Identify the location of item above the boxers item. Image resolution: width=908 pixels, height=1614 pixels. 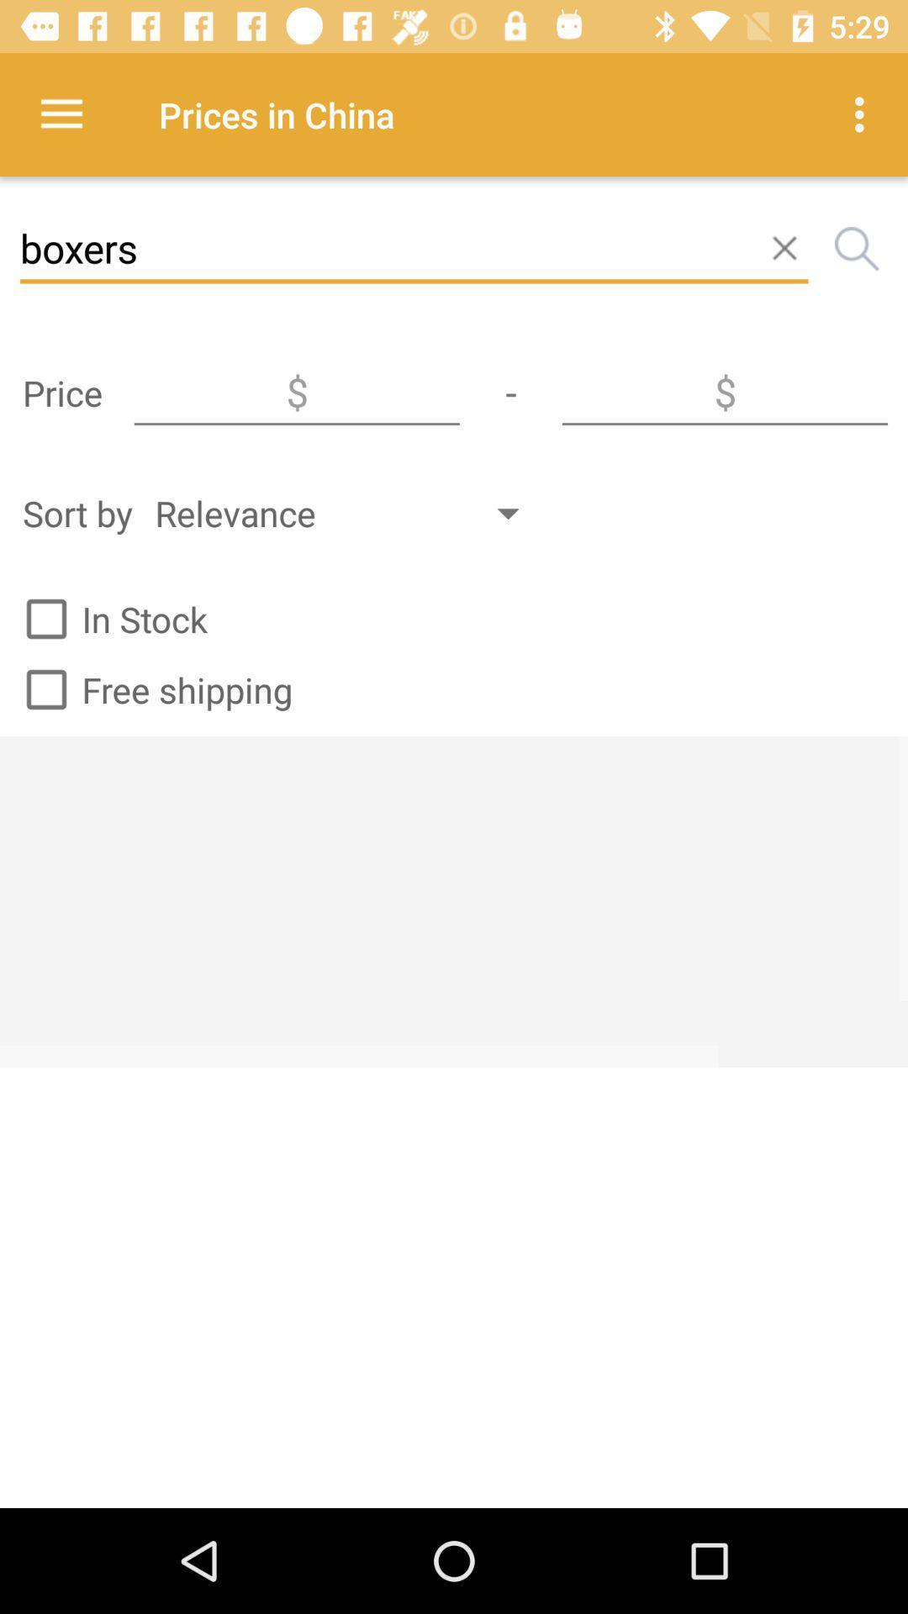
(61, 113).